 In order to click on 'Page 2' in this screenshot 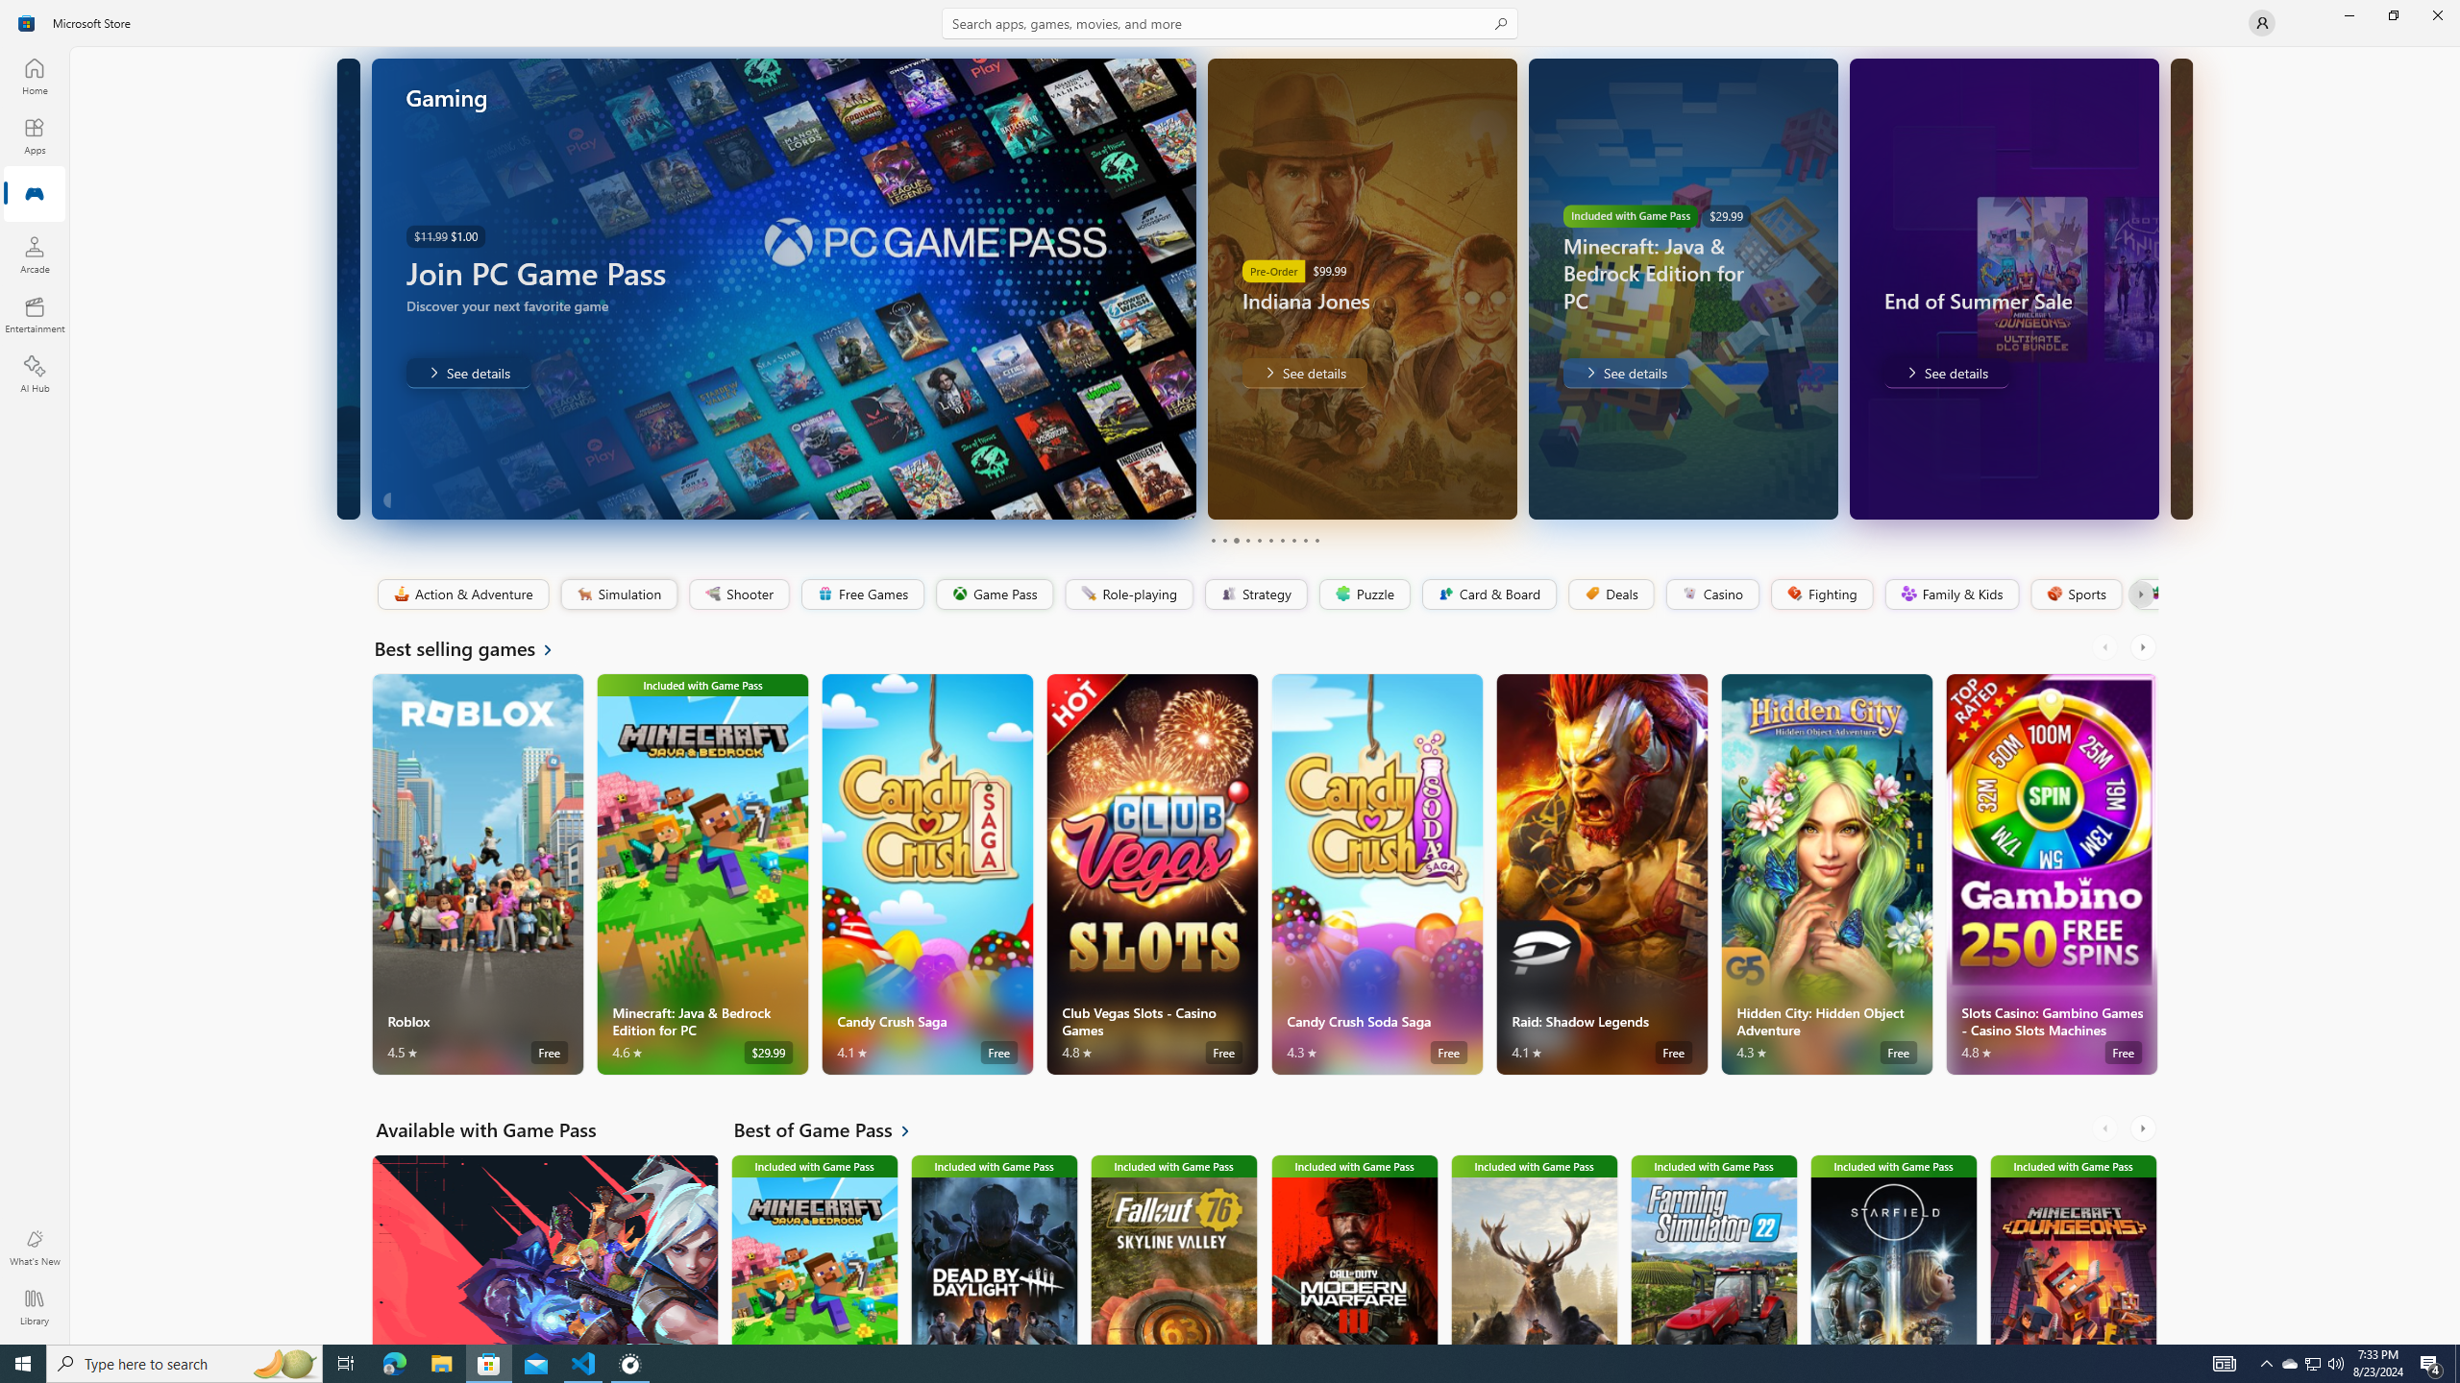, I will do `click(1222, 540)`.